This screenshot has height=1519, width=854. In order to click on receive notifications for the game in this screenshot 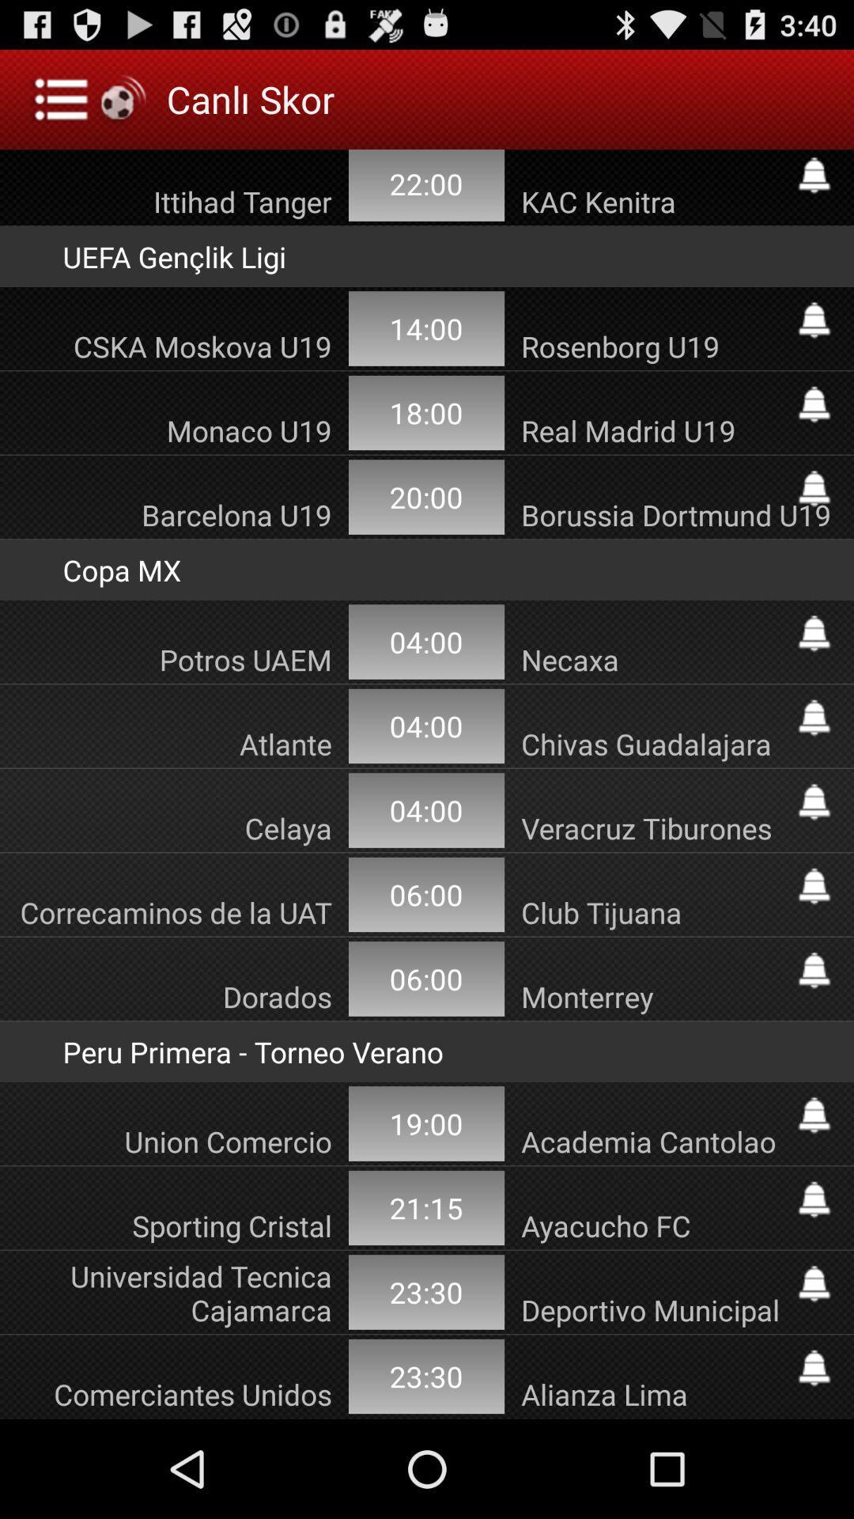, I will do `click(814, 404)`.